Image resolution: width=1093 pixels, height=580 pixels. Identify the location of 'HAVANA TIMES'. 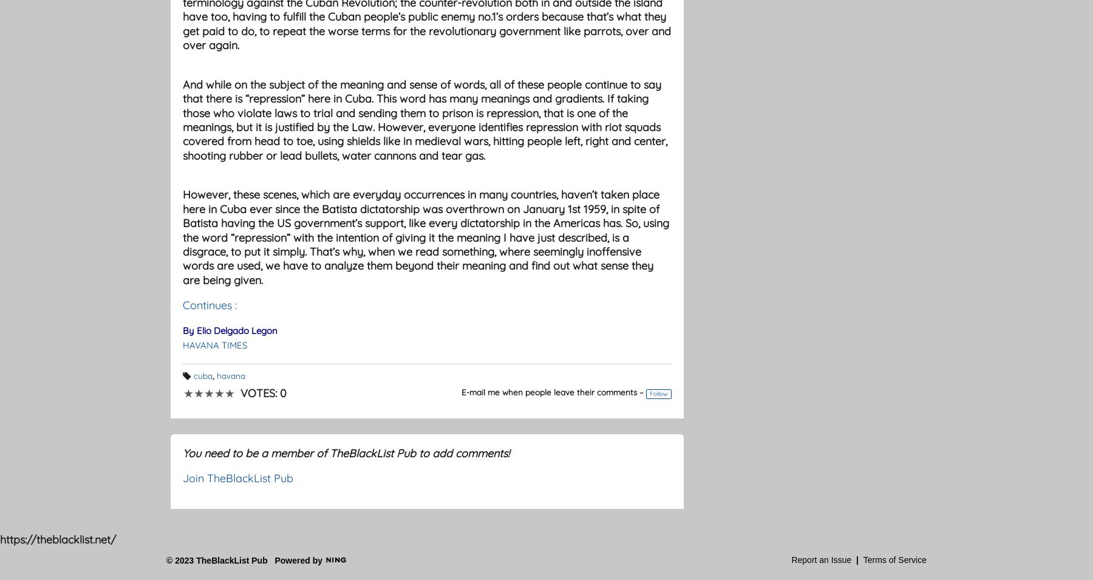
(215, 344).